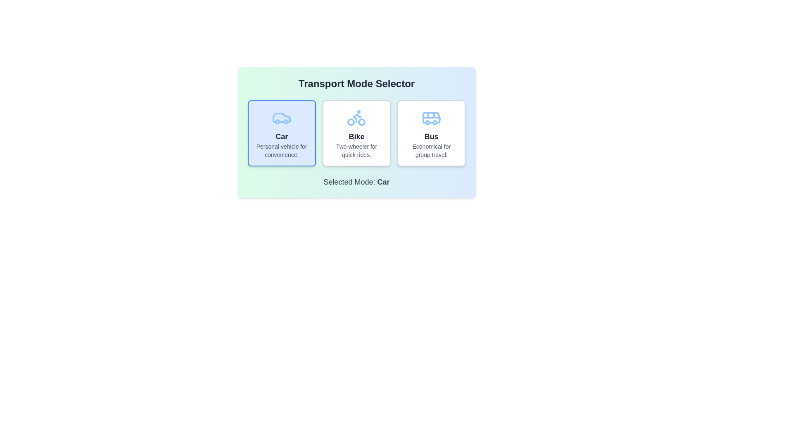 The width and height of the screenshot is (793, 446). I want to click on the text label that provides information about the affordability of the bus option, located beneath the bold 'Bus' text in the same card, so click(431, 151).